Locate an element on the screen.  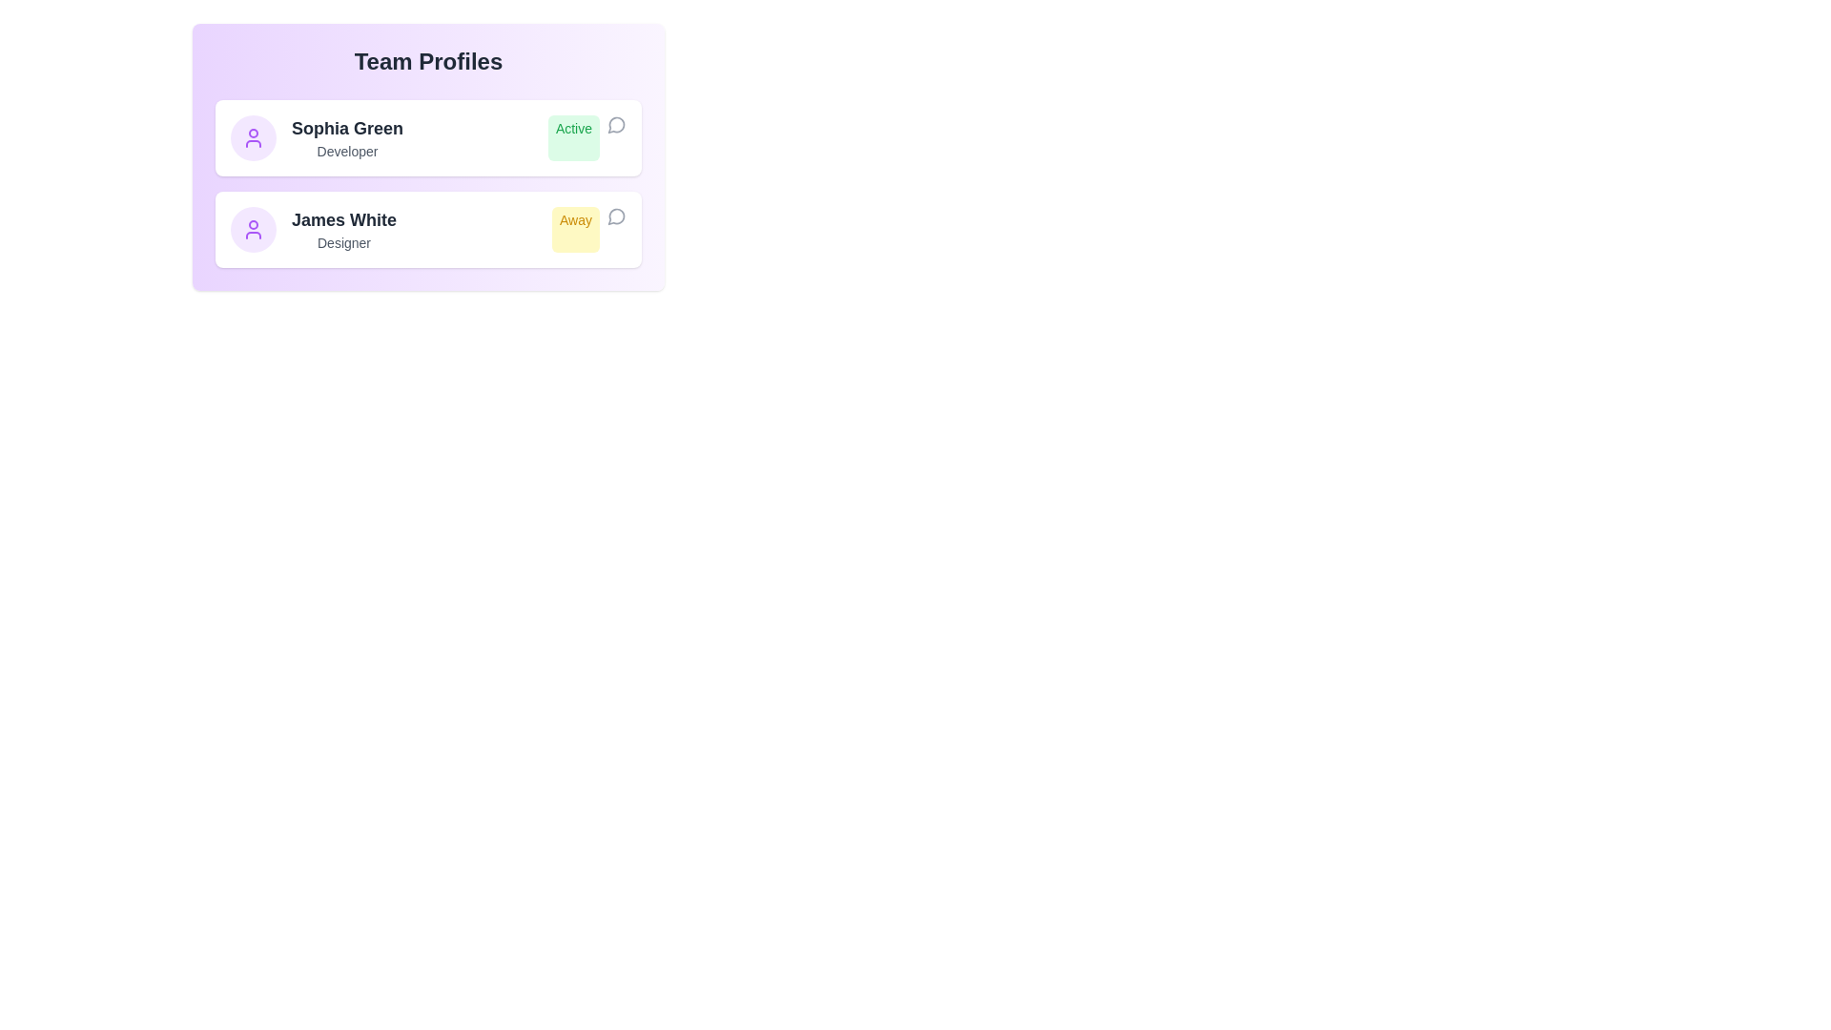
to select the Profile display card for 'Sophia Green', which includes a circular icon on the left and the name 'Sophia Green' in bold above the title 'Developer' is located at coordinates (317, 137).